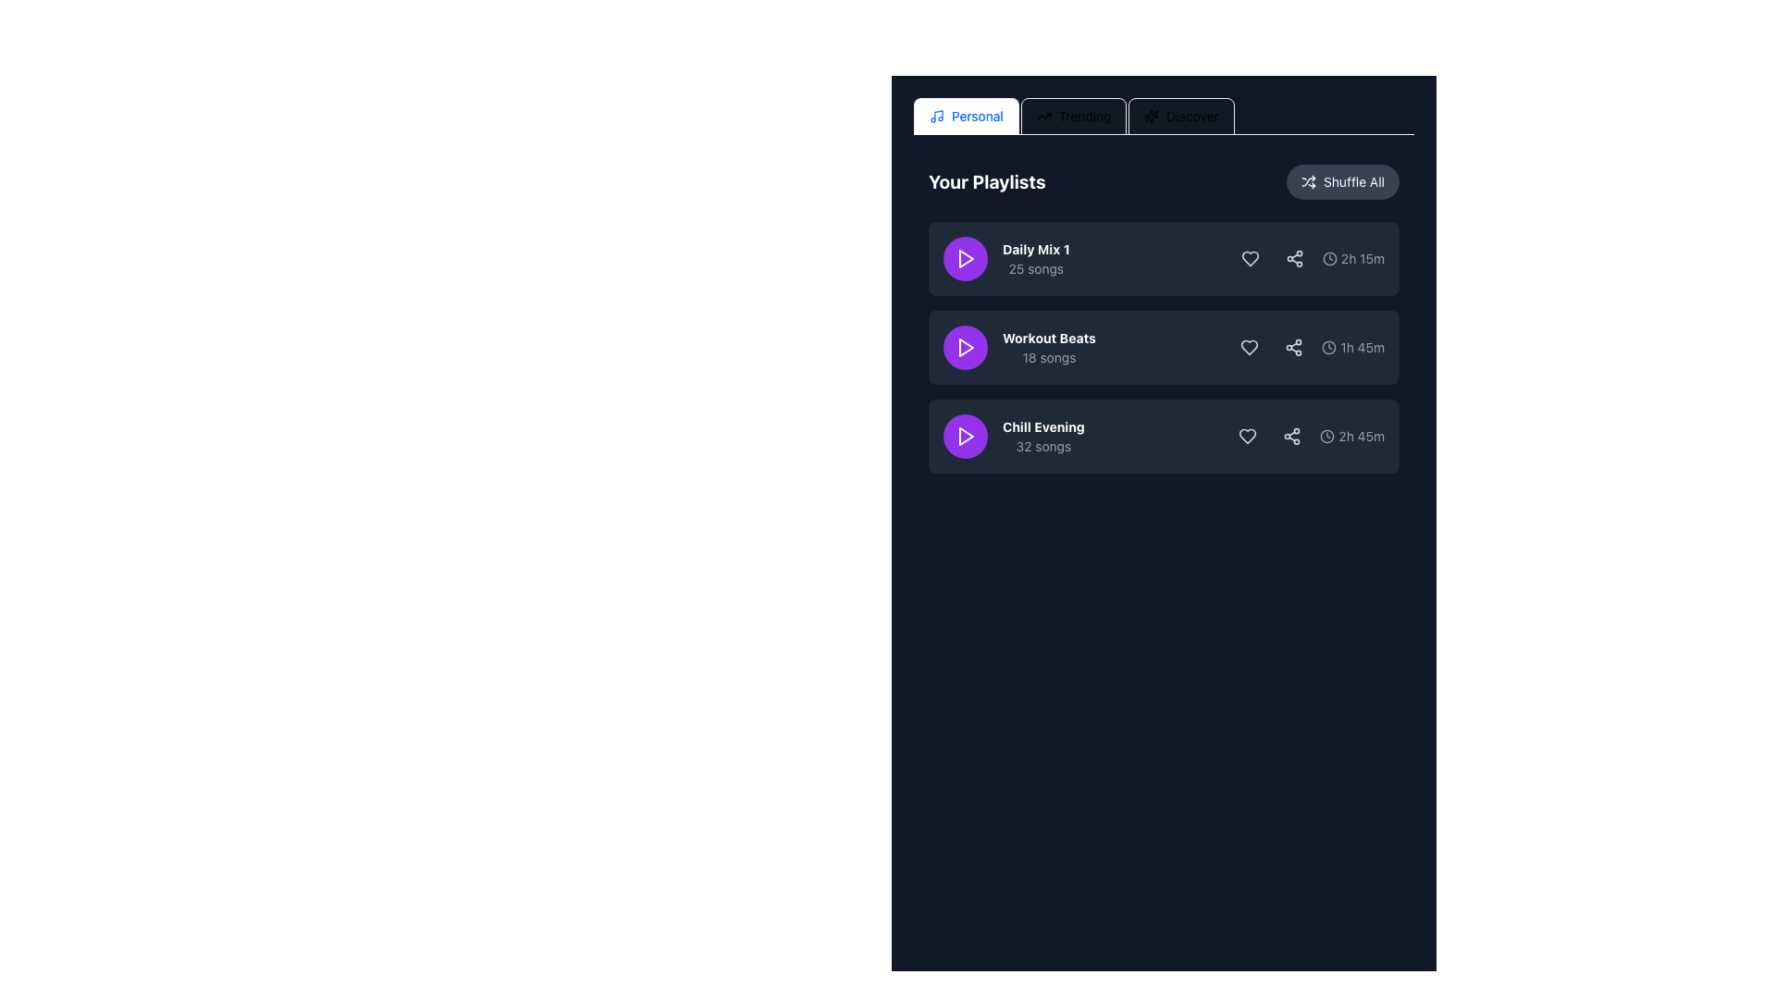 This screenshot has width=1776, height=999. Describe the element at coordinates (1180, 117) in the screenshot. I see `the 'Discover' tab in the top navigation bar` at that location.